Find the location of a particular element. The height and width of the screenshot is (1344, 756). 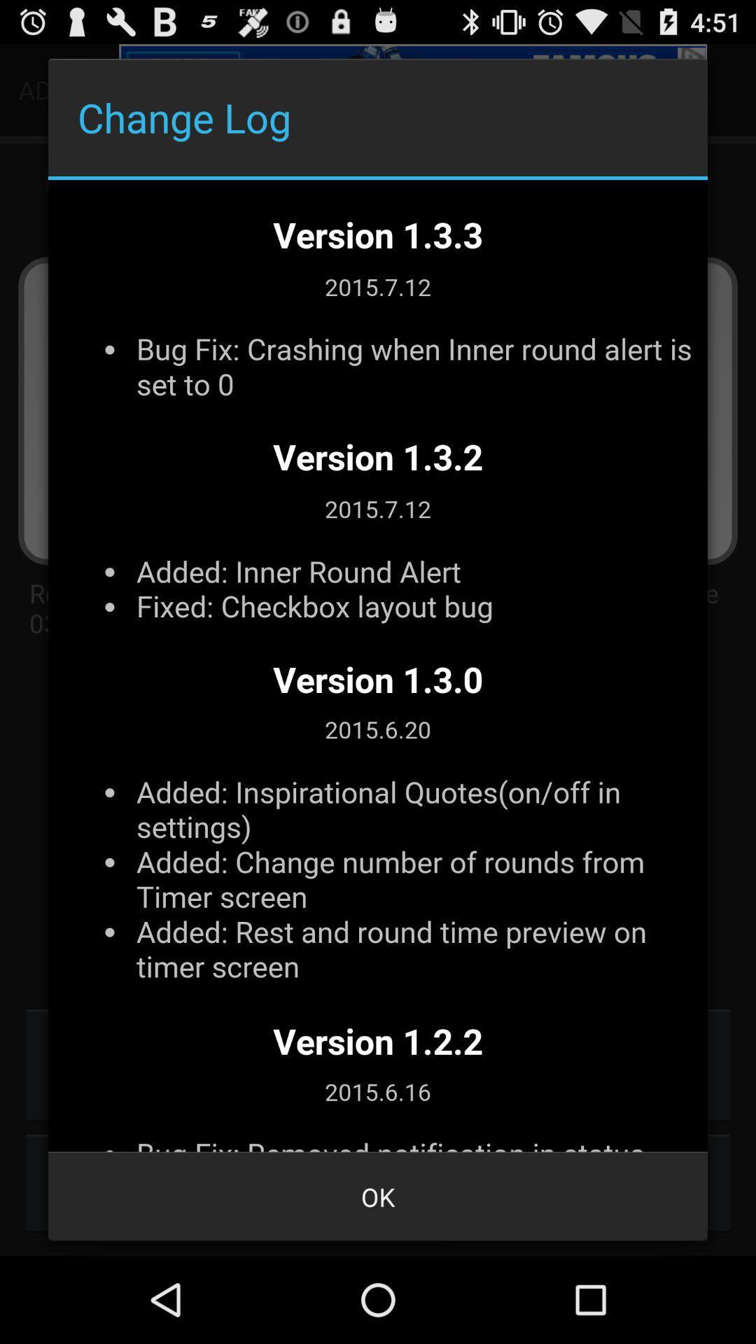

information is located at coordinates (378, 665).